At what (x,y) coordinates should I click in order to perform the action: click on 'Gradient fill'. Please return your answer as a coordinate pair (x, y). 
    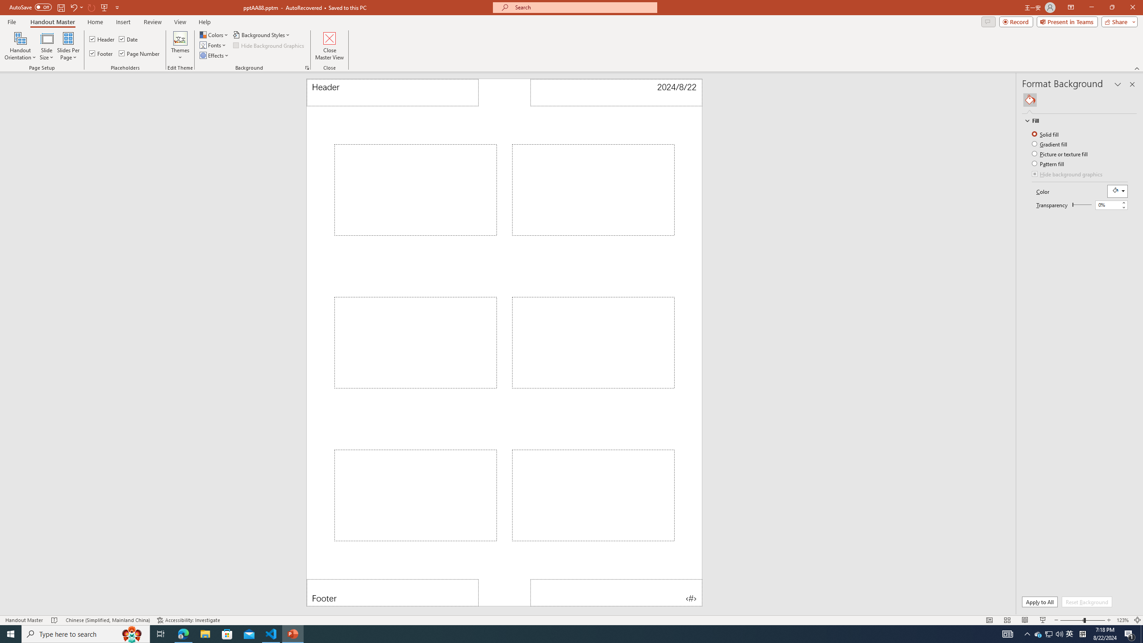
    Looking at the image, I should click on (1050, 143).